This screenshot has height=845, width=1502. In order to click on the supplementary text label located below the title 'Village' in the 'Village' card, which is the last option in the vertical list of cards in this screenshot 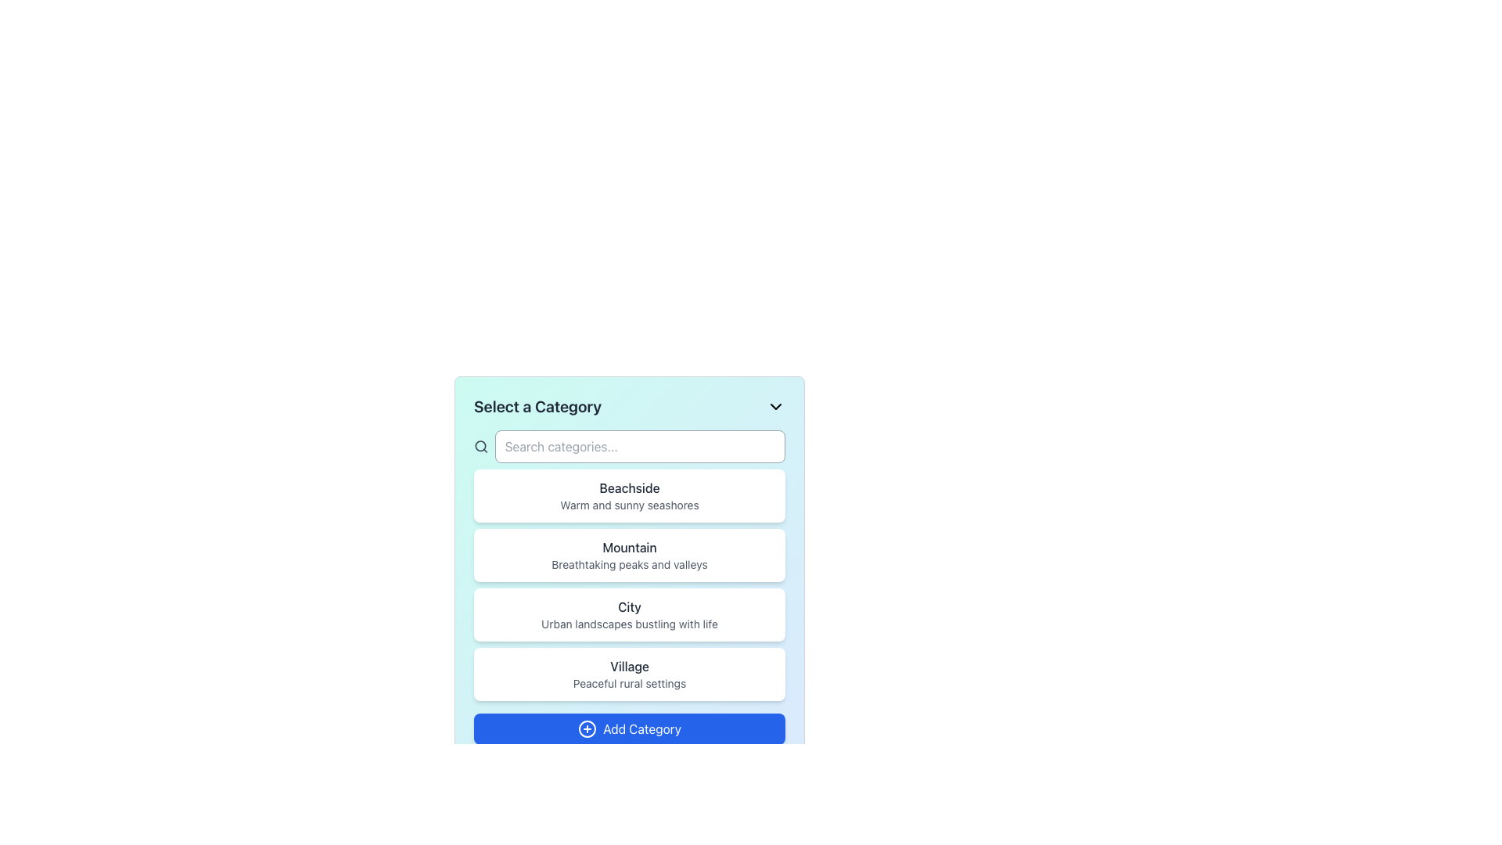, I will do `click(630, 683)`.